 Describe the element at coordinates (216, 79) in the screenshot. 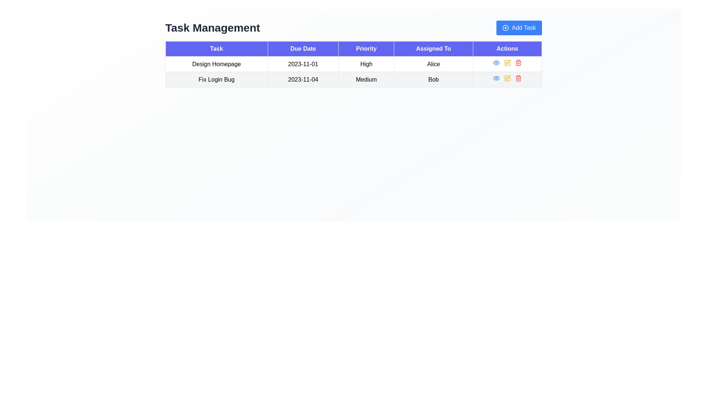

I see `the 'Fix Login Bug' text label, which is styled with centered alignment and located in the leftmost cell of the second row under the header 'Task'` at that location.